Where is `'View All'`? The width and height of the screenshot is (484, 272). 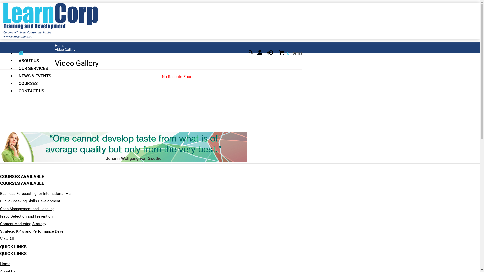 'View All' is located at coordinates (7, 239).